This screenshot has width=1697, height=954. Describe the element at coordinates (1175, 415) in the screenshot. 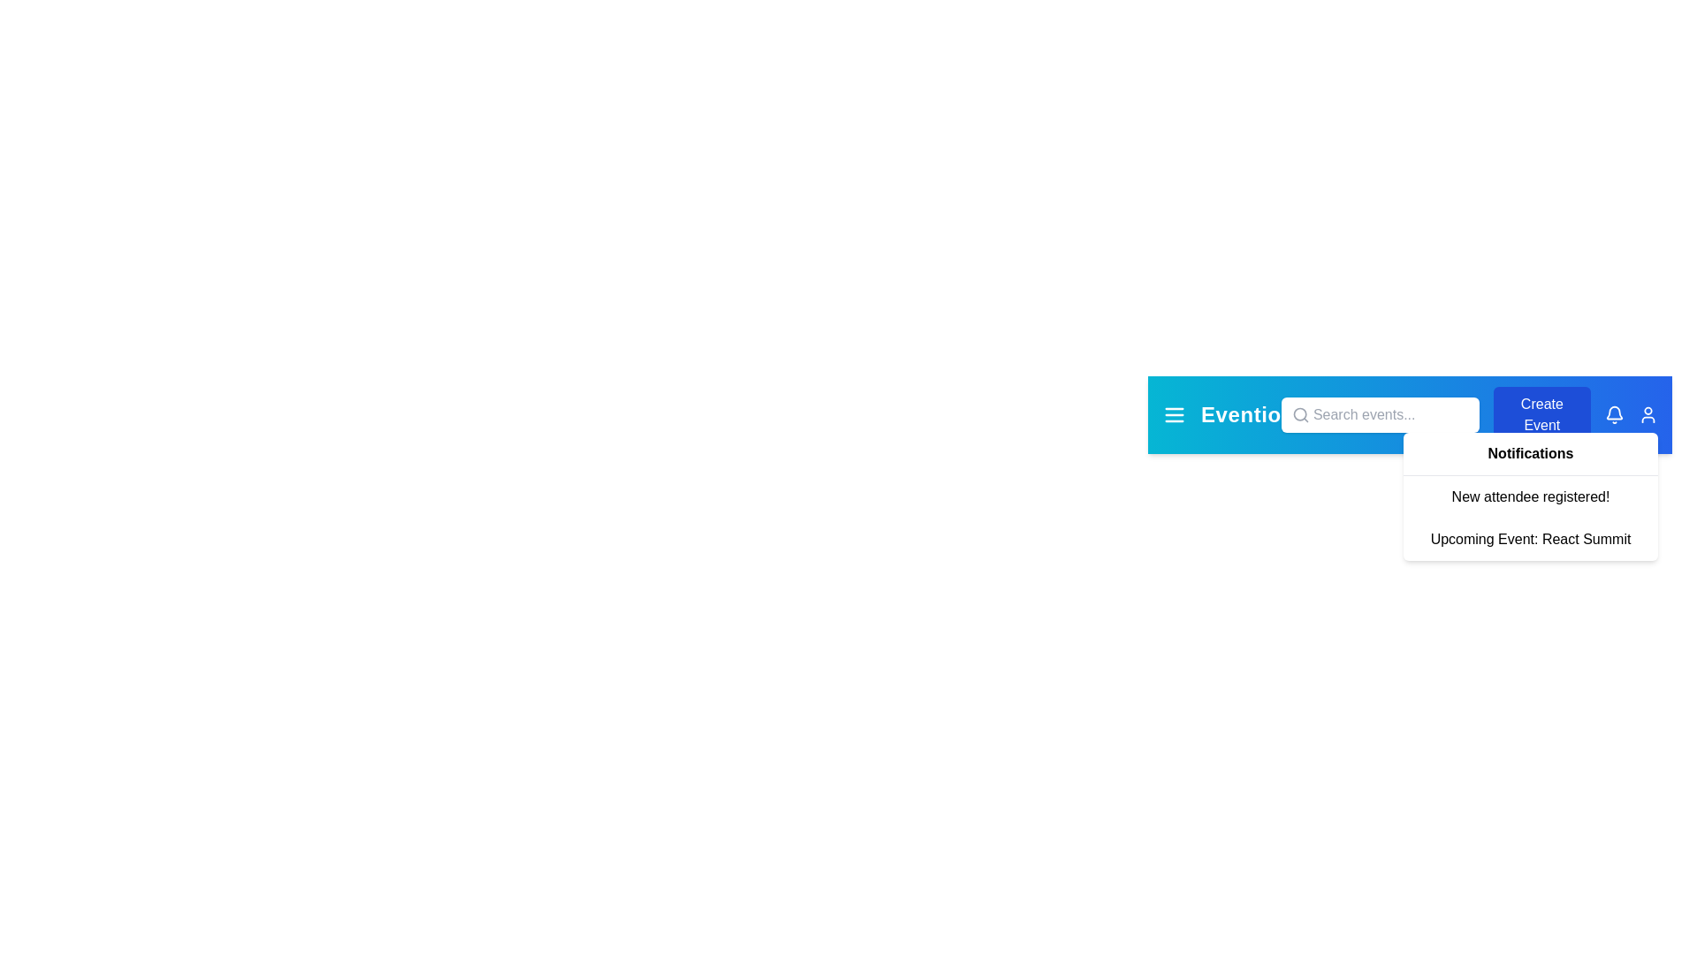

I see `the menu icon to open the menu options` at that location.